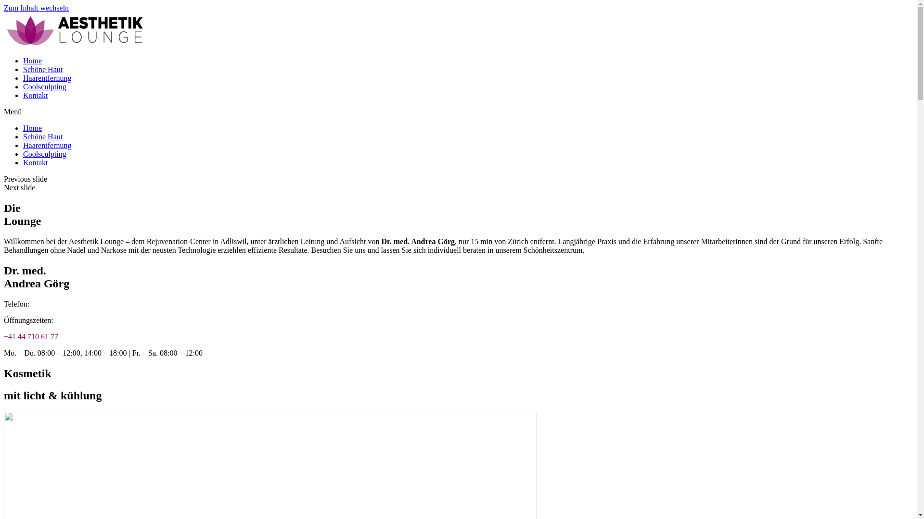  I want to click on 'Haarentfernung', so click(46, 77).